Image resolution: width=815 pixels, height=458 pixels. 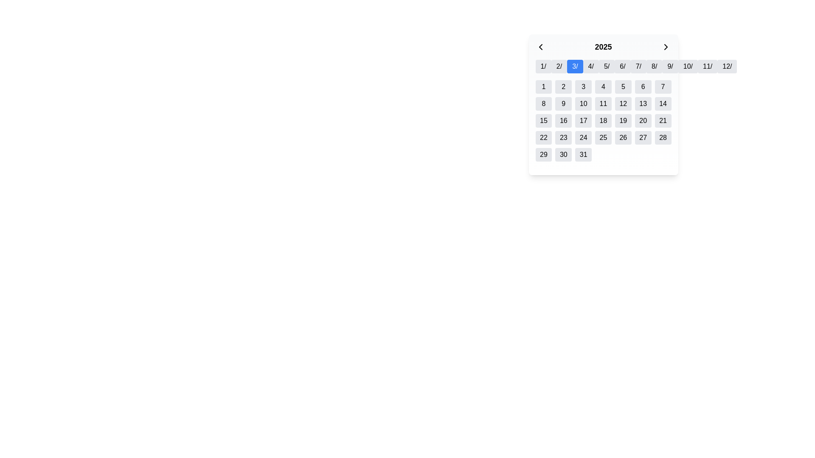 I want to click on the button displaying the number '9' in bold black font, so click(x=563, y=103).